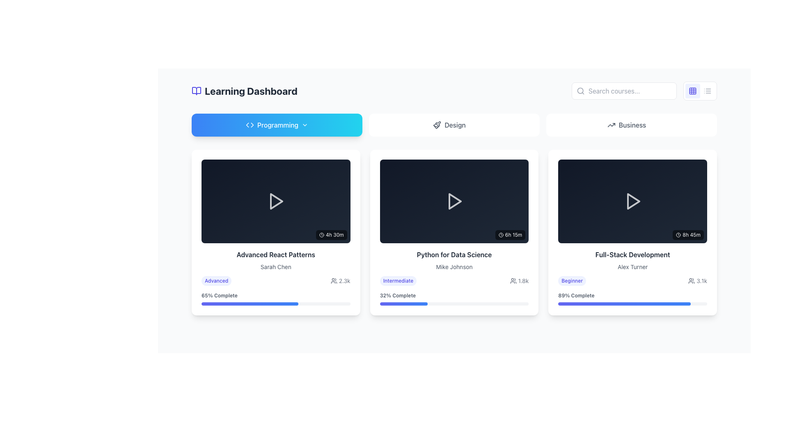 The image size is (788, 443). I want to click on the progress displayed by the vibrant gradient horizontal progress bar representing the 'Full-Stack Development' course located at the bottom of the third course card, so click(624, 304).